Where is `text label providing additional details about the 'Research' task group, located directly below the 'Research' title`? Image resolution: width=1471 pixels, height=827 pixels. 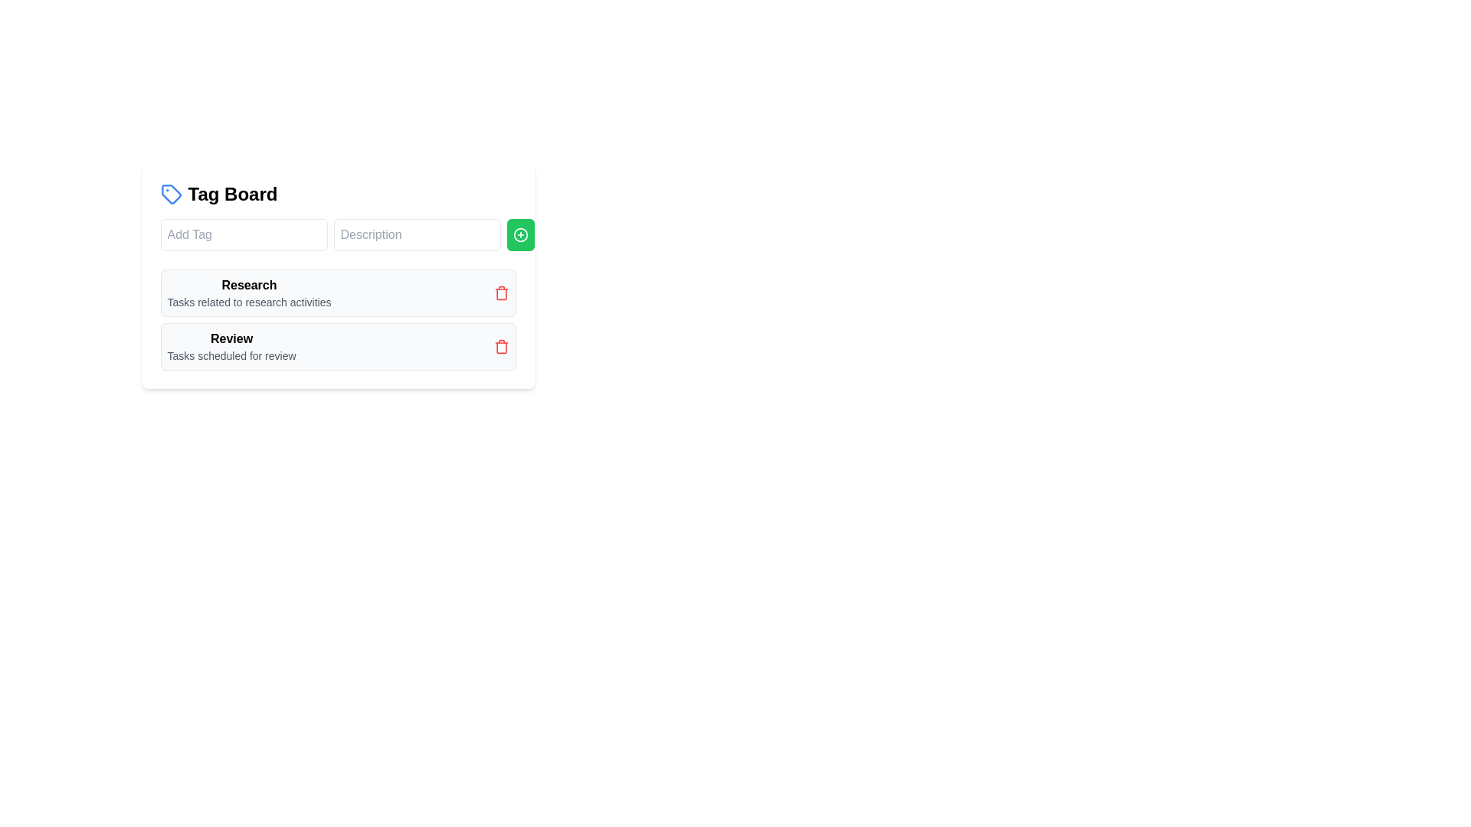
text label providing additional details about the 'Research' task group, located directly below the 'Research' title is located at coordinates (249, 302).